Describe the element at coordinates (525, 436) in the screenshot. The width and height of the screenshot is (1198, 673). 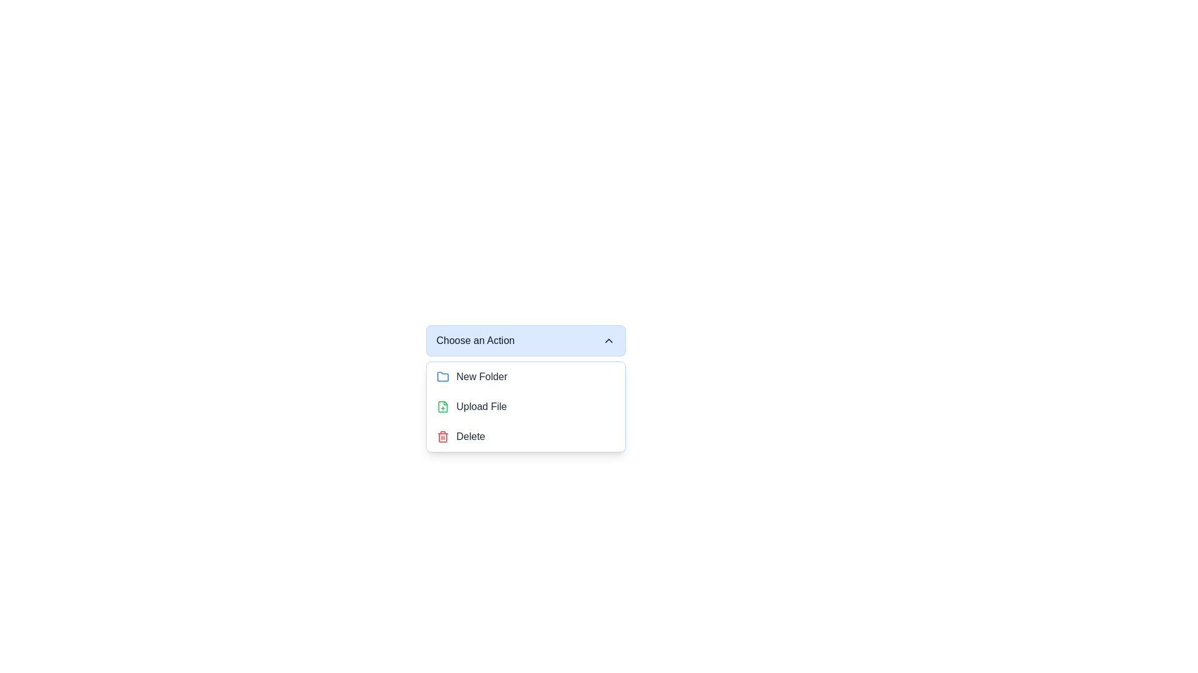
I see `the third button in the 'Choose an Action' dropdown menu` at that location.